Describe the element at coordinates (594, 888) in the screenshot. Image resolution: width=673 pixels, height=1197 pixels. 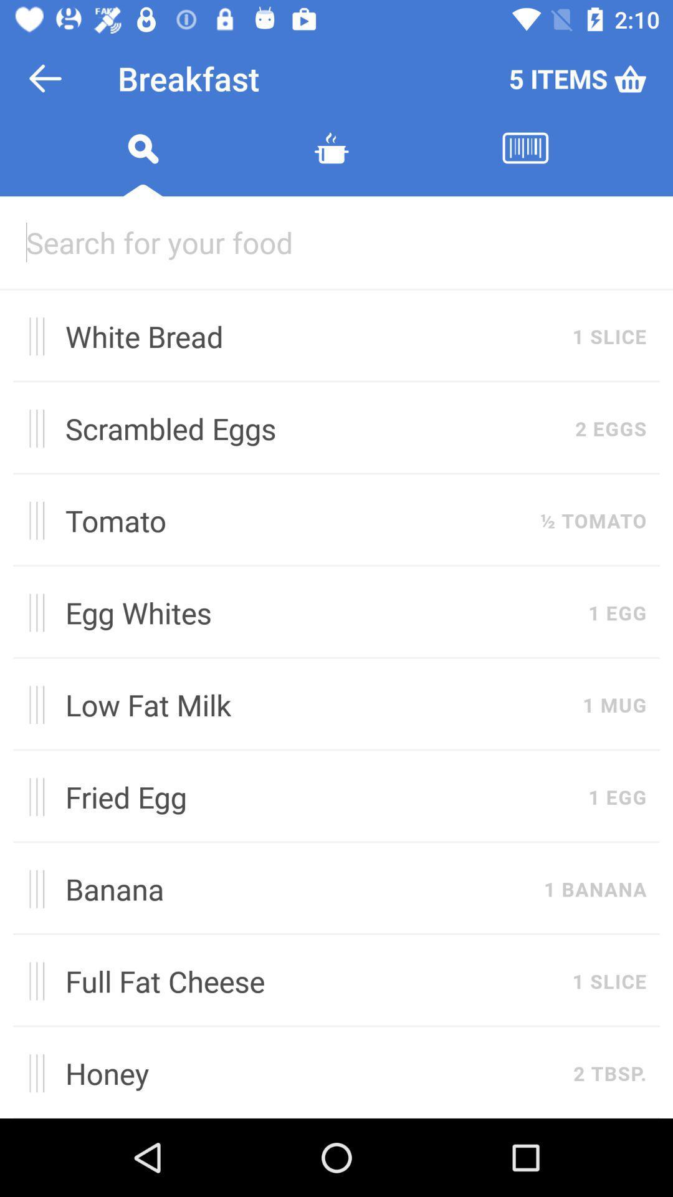
I see `1 banana` at that location.